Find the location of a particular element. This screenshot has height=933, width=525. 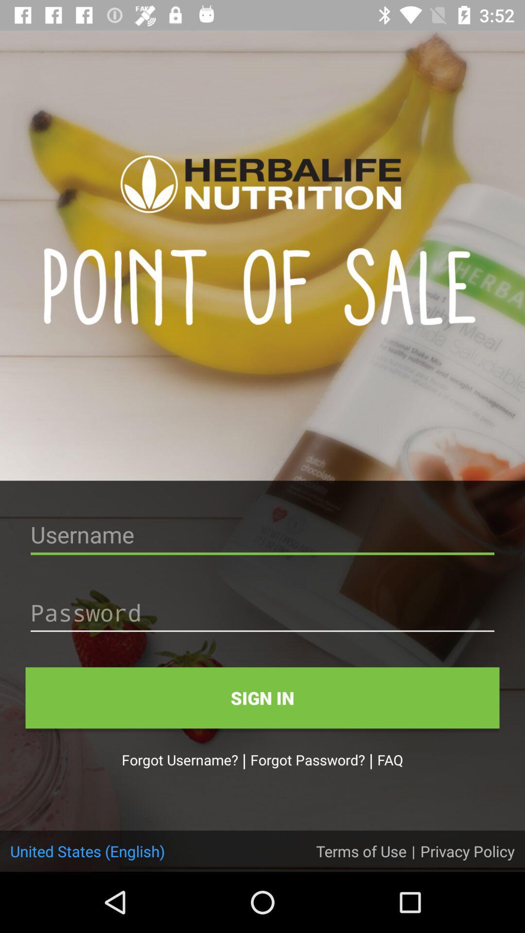

icon to the right of | item is located at coordinates (467, 850).